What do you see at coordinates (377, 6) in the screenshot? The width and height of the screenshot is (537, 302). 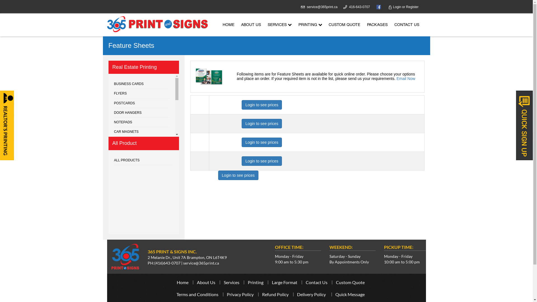 I see `'Facebook'` at bounding box center [377, 6].